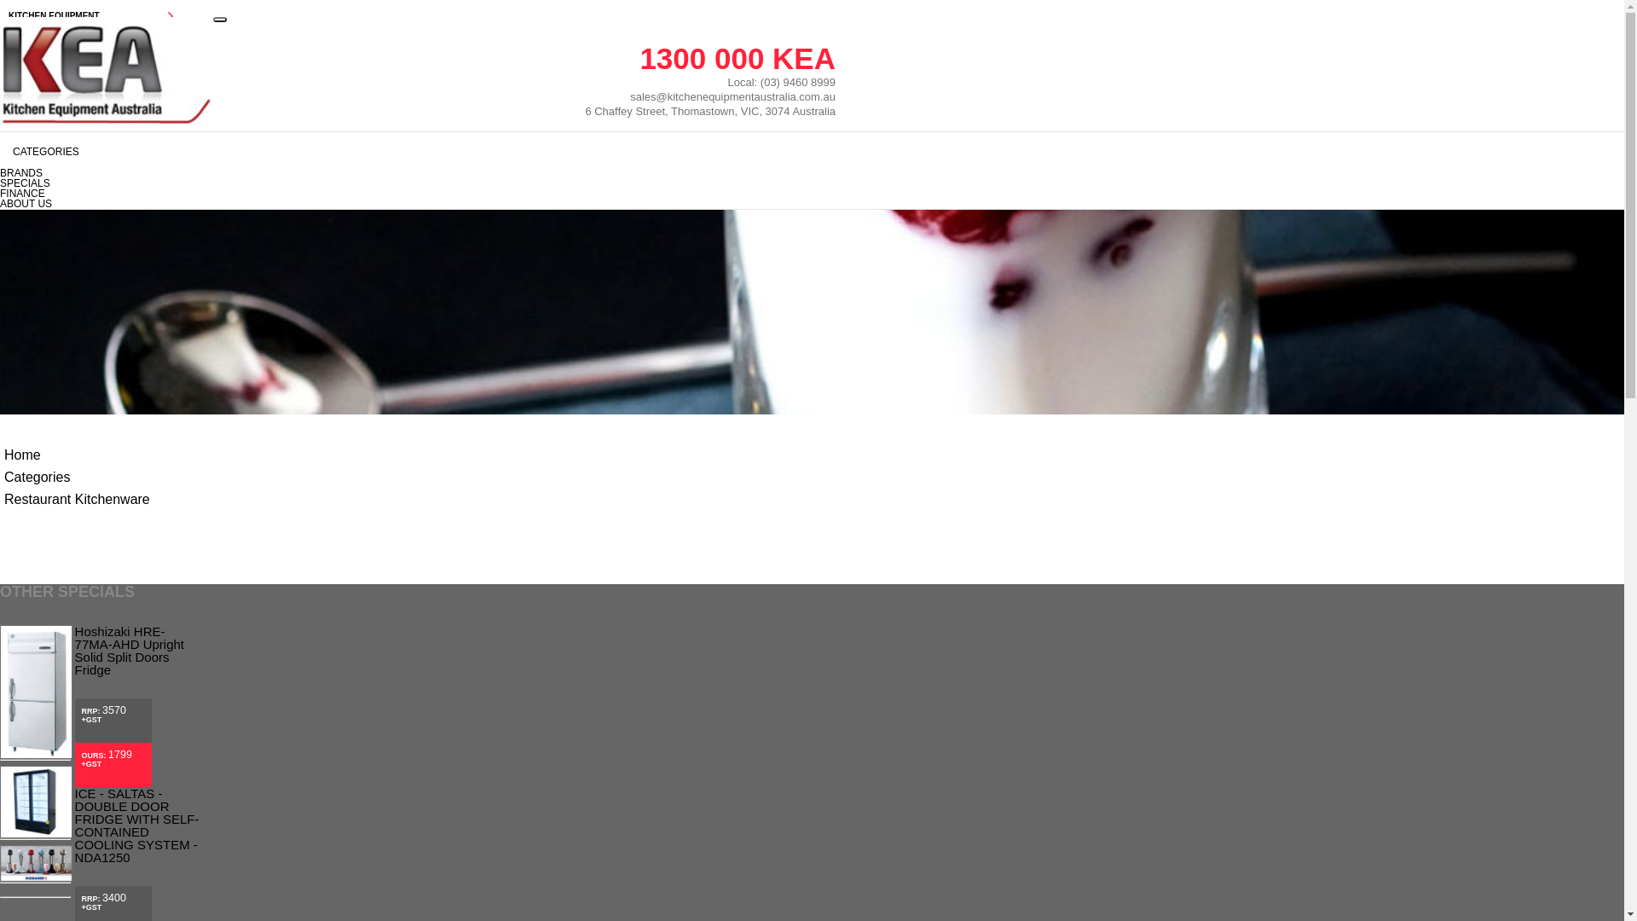 Image resolution: width=1637 pixels, height=921 pixels. Describe the element at coordinates (93, 714) in the screenshot. I see `'FINANCE'` at that location.